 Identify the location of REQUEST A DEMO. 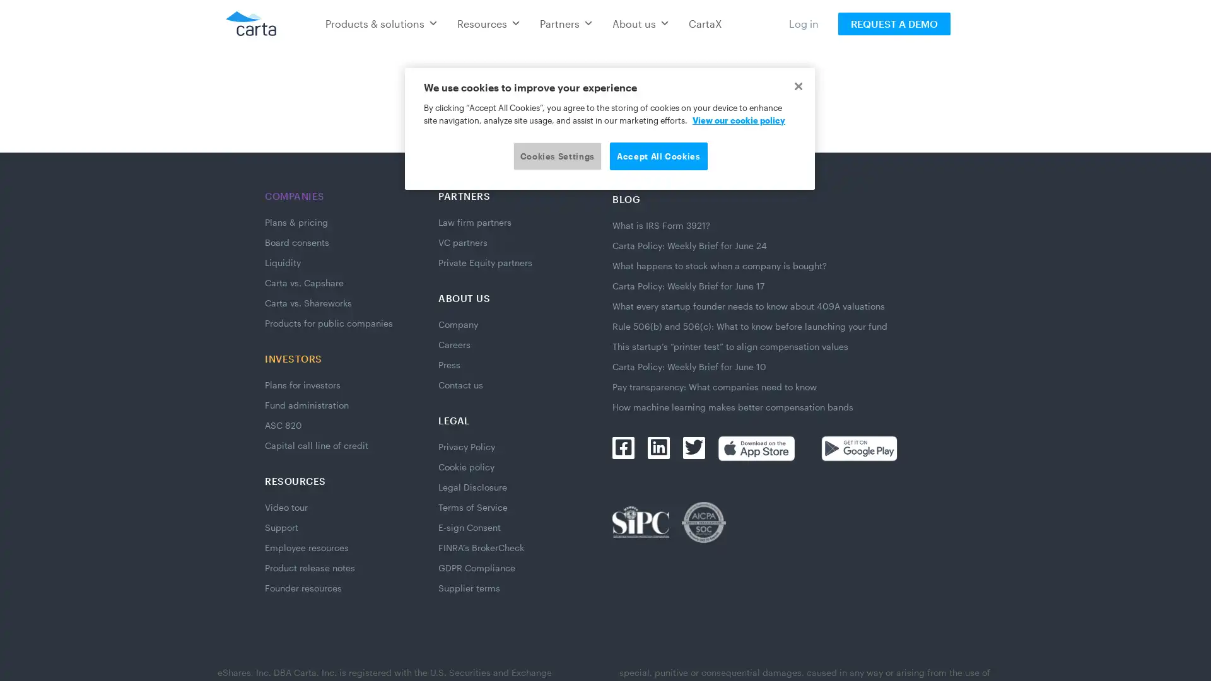
(893, 23).